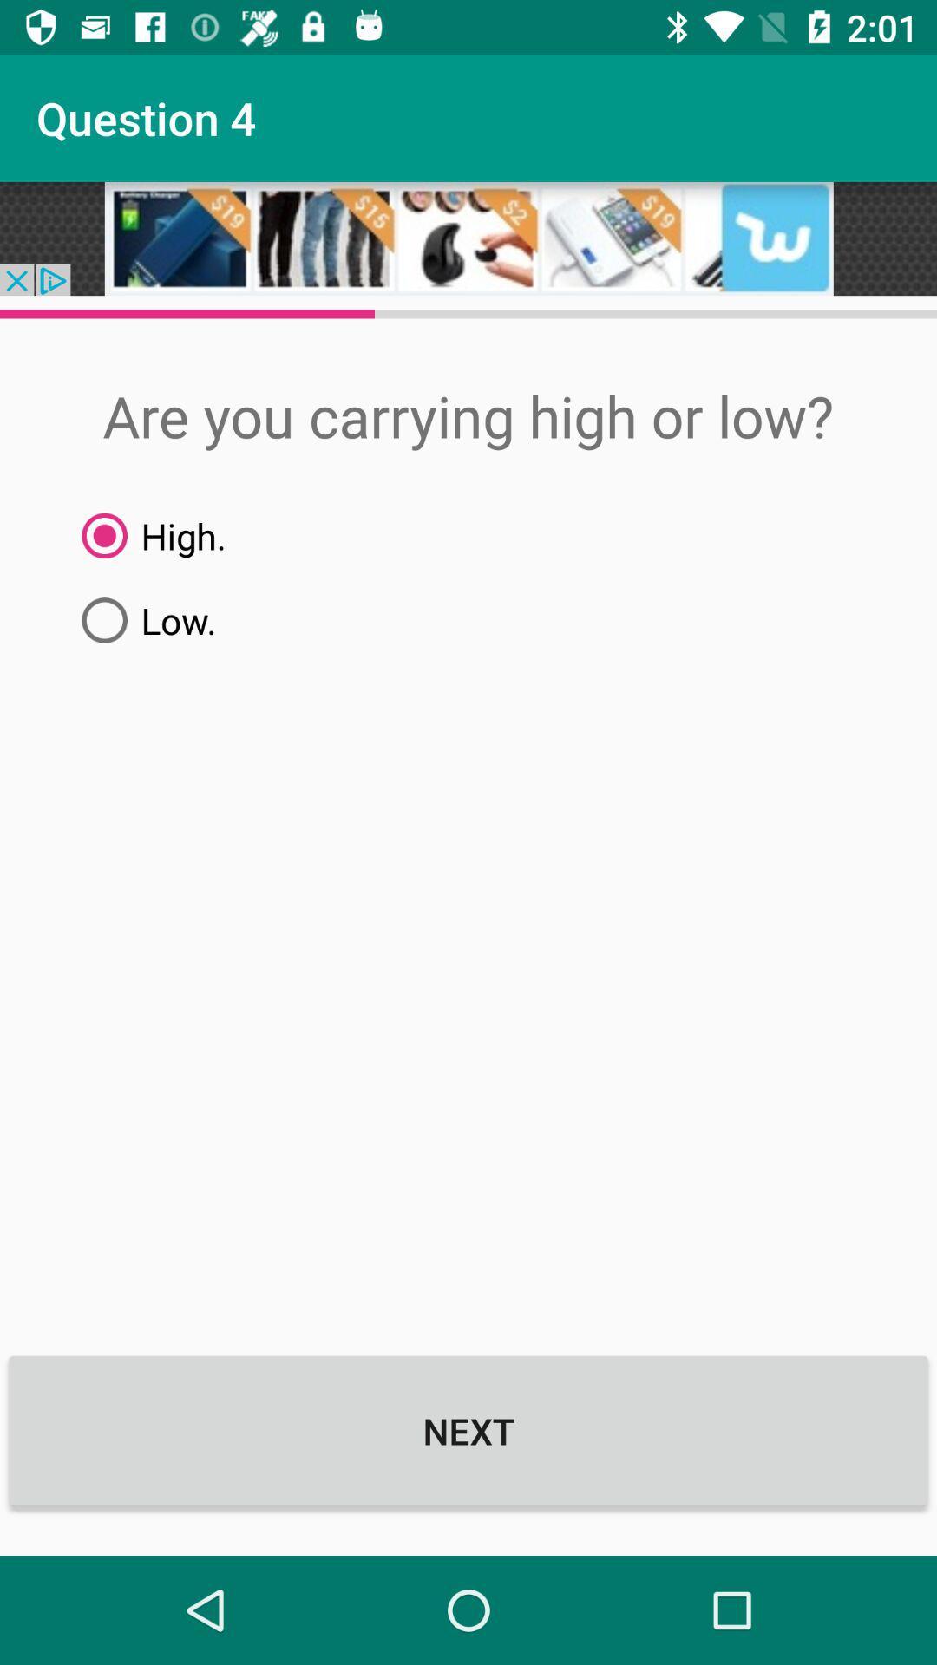  Describe the element at coordinates (468, 238) in the screenshot. I see `open advertisements detail` at that location.